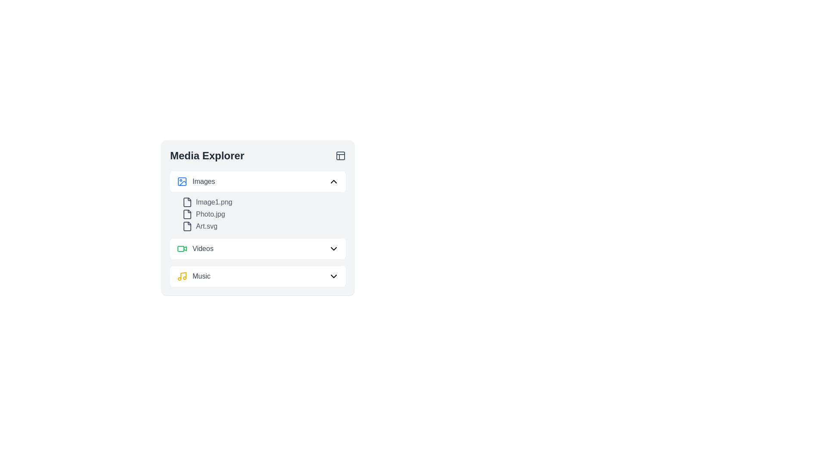  What do you see at coordinates (202, 249) in the screenshot?
I see `the text label displaying 'Videos' in gray font, located in the second section of the vertical list under 'Media Explorer'` at bounding box center [202, 249].